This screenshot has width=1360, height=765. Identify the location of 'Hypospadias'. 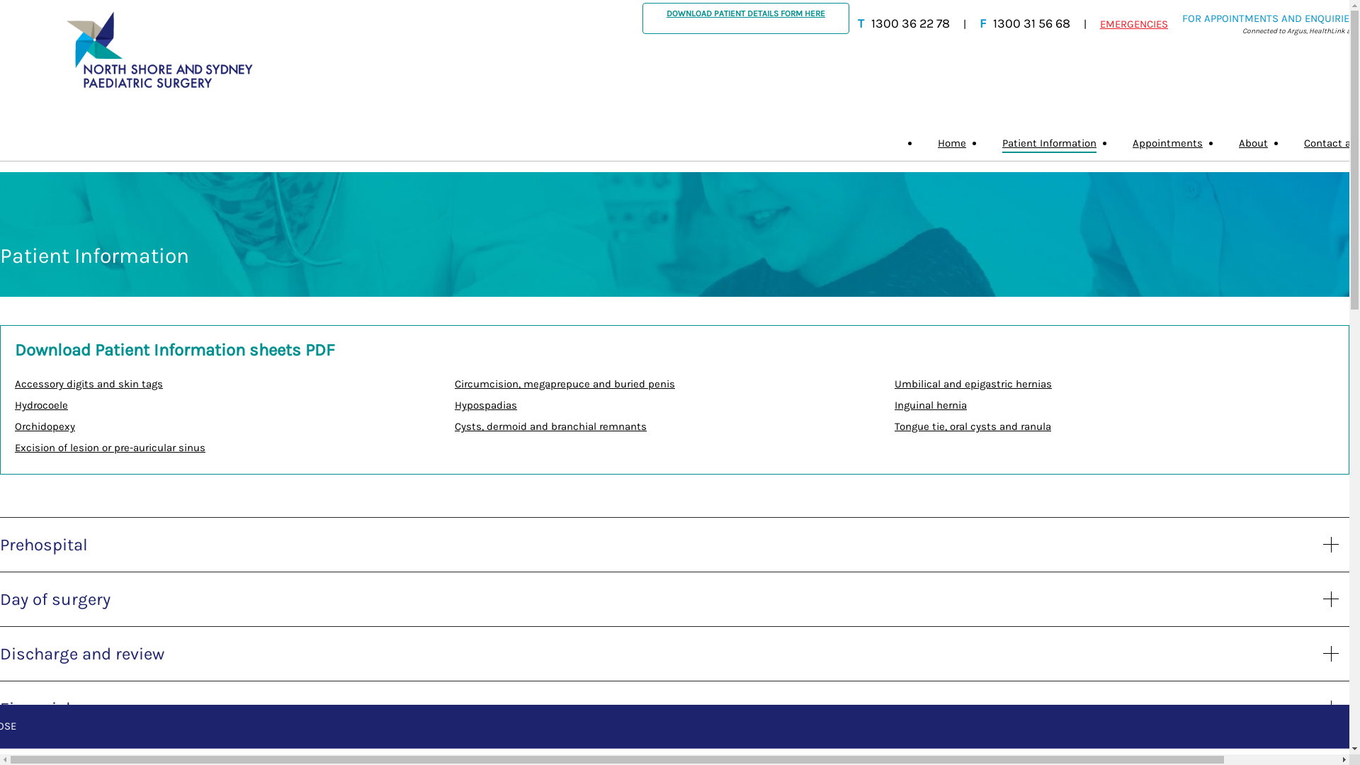
(486, 404).